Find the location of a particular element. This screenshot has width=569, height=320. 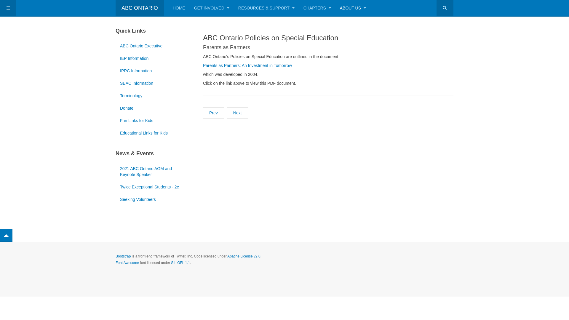

'HOME' is located at coordinates (172, 8).